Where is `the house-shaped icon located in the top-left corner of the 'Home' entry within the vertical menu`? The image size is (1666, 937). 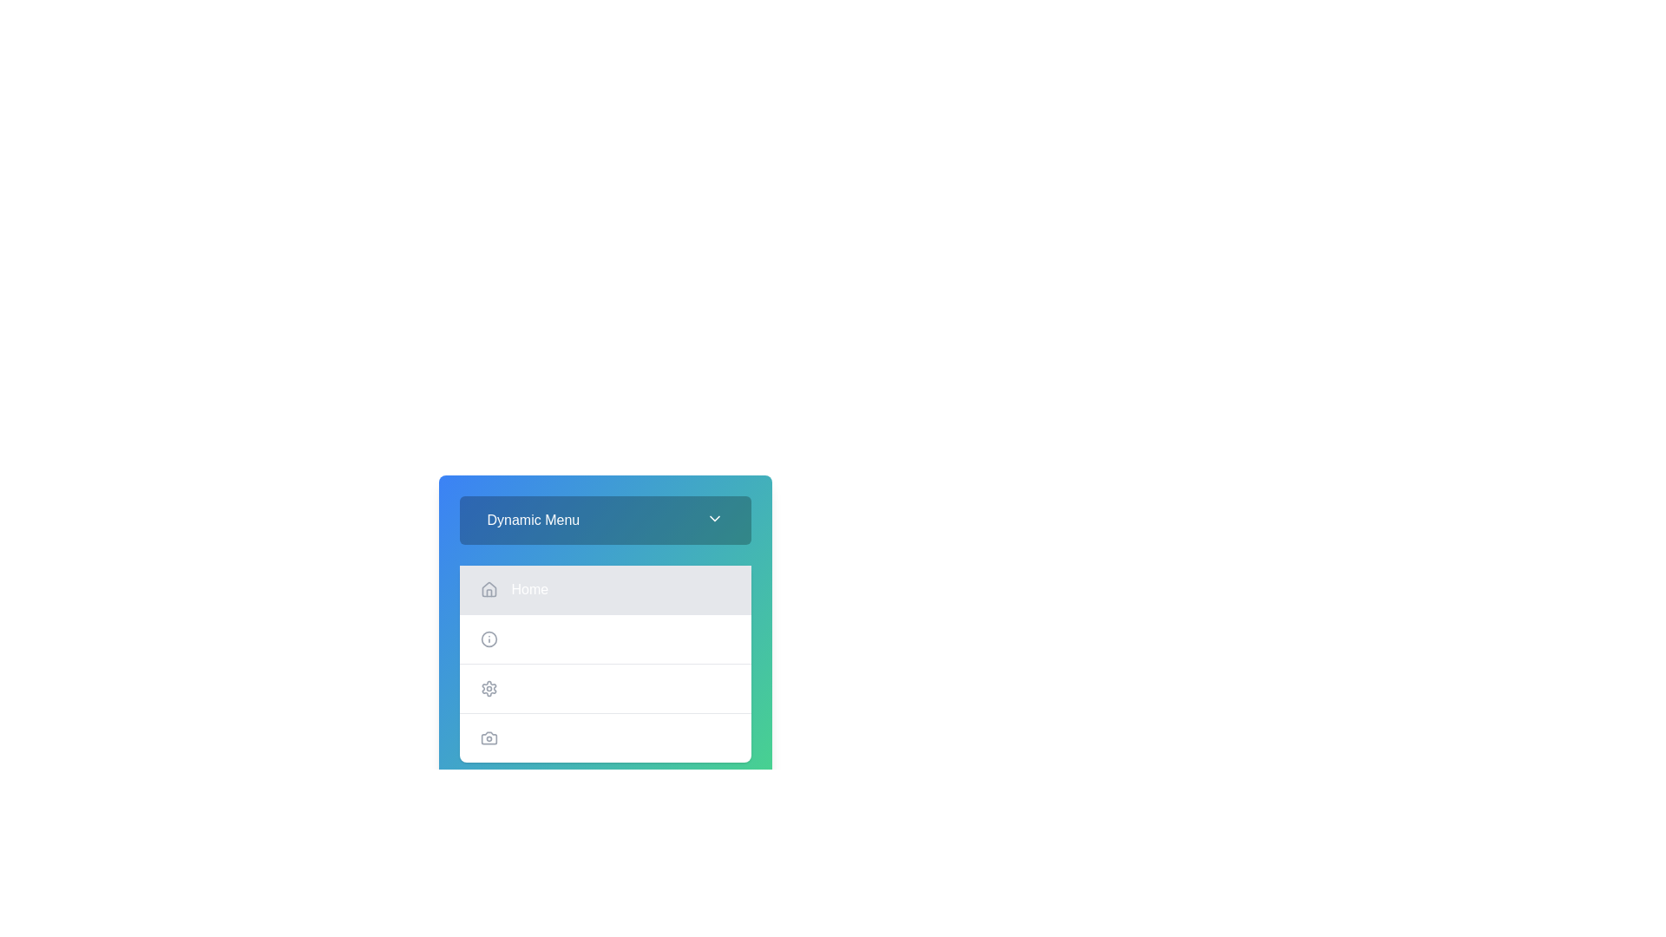
the house-shaped icon located in the top-left corner of the 'Home' entry within the vertical menu is located at coordinates (488, 588).